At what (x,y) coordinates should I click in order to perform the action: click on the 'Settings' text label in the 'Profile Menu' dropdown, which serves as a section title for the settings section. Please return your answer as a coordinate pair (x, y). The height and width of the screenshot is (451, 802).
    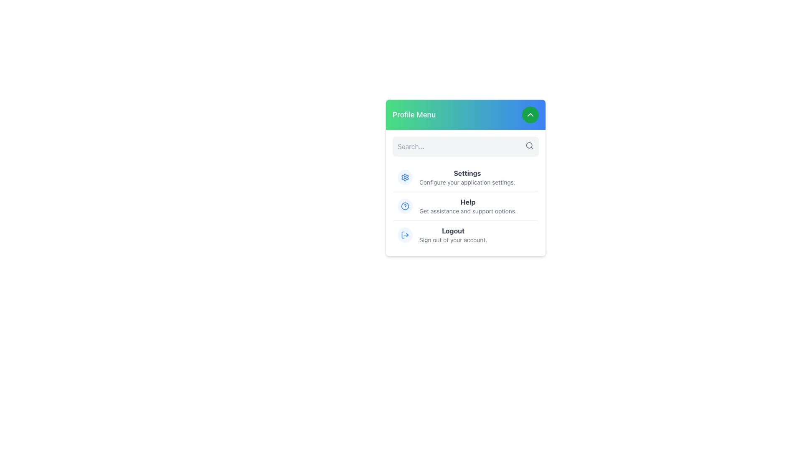
    Looking at the image, I should click on (467, 173).